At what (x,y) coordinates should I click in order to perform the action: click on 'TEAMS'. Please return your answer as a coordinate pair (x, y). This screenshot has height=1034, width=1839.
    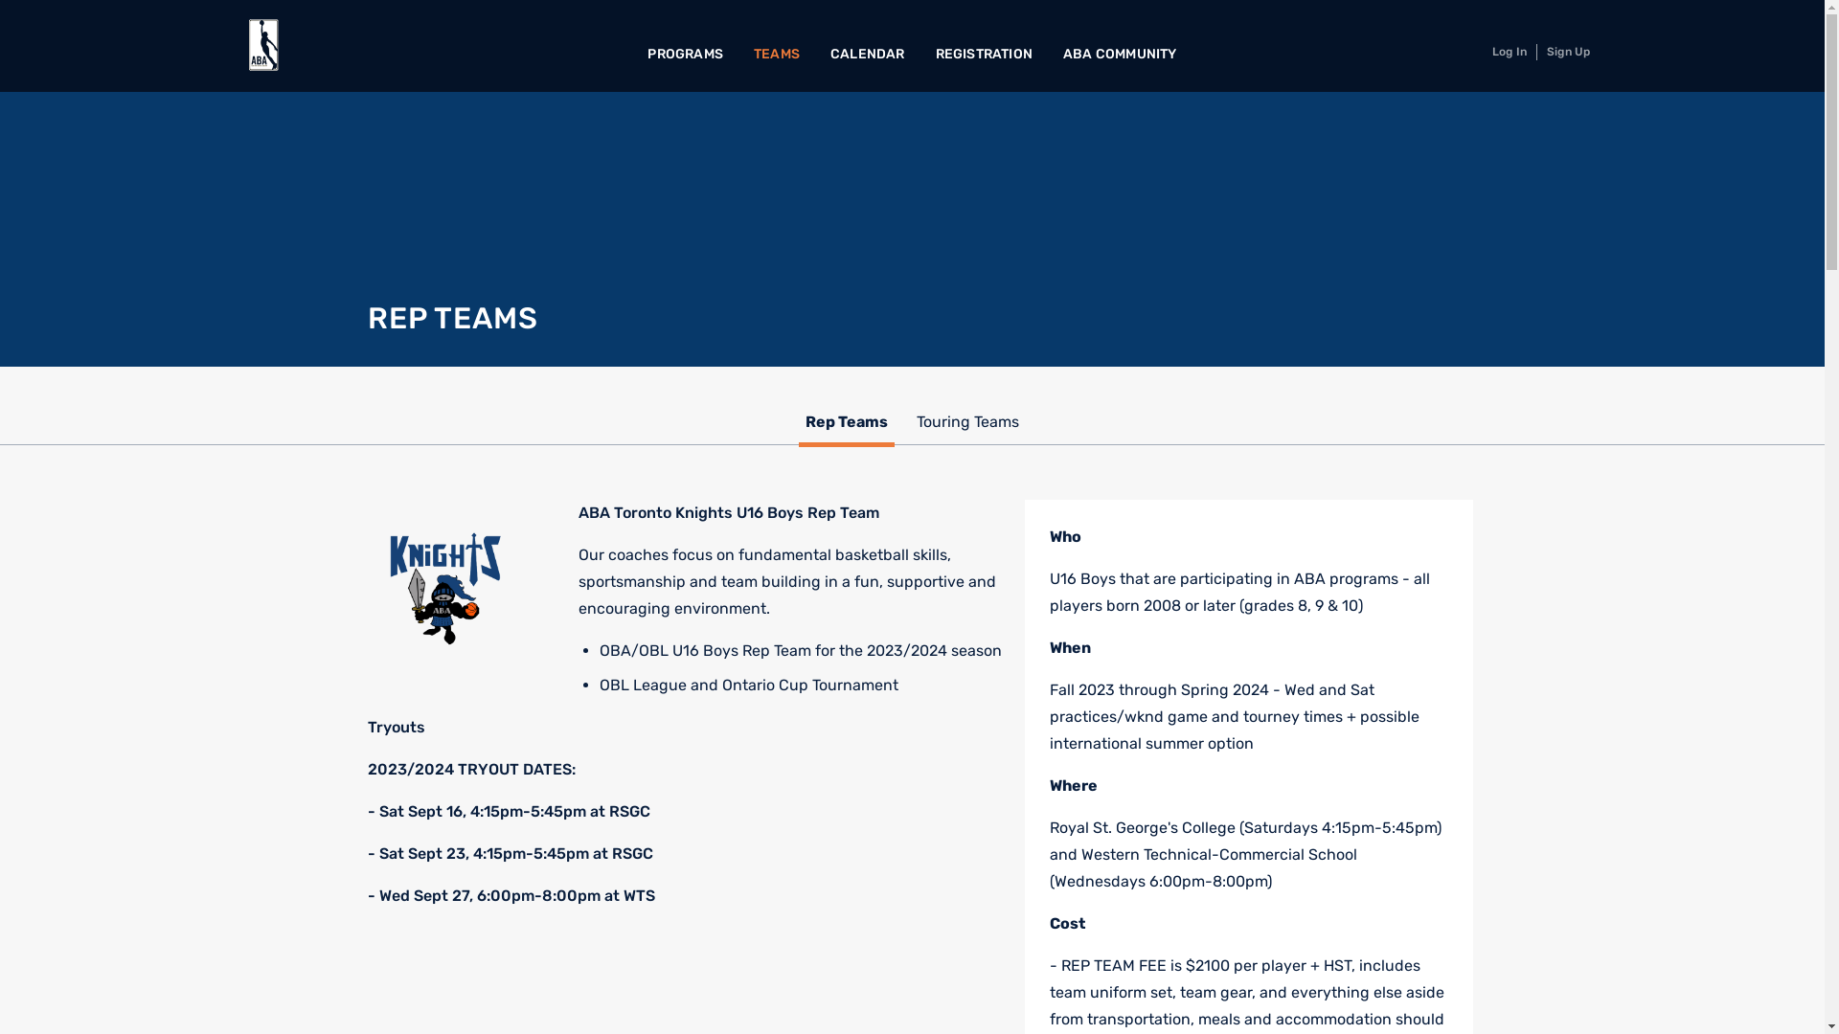
    Looking at the image, I should click on (777, 54).